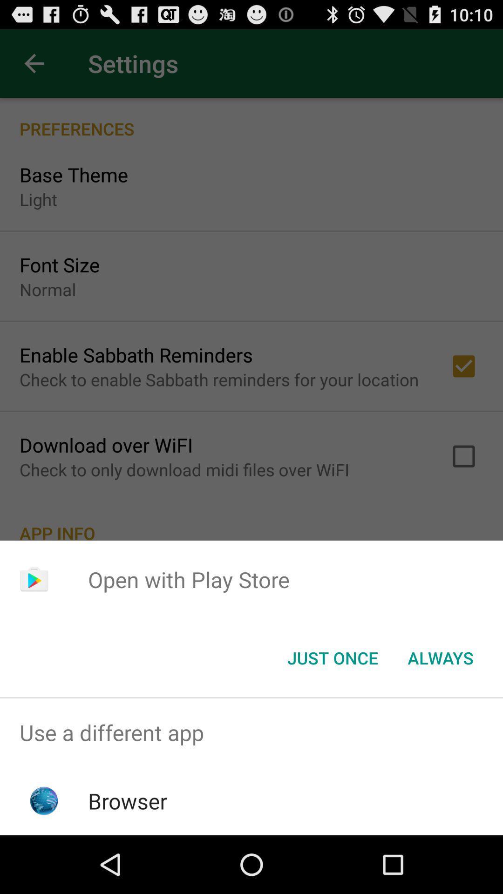 The width and height of the screenshot is (503, 894). I want to click on always, so click(440, 657).